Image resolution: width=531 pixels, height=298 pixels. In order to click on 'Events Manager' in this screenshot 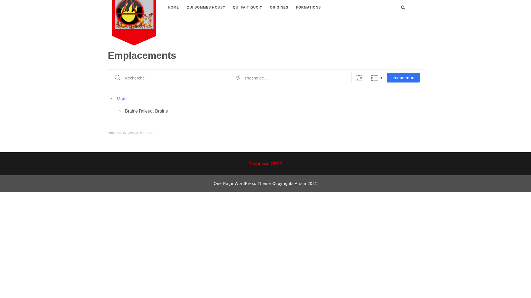, I will do `click(140, 133)`.